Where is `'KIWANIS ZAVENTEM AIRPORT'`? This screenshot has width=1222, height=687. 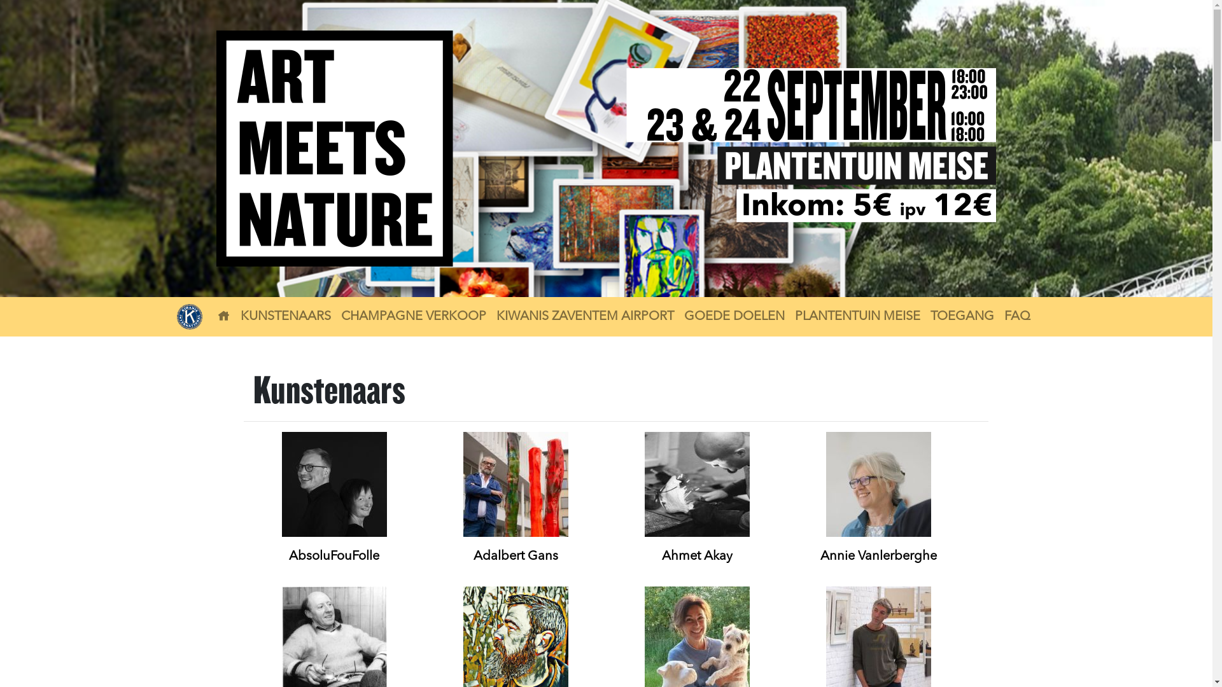 'KIWANIS ZAVENTEM AIRPORT' is located at coordinates (584, 316).